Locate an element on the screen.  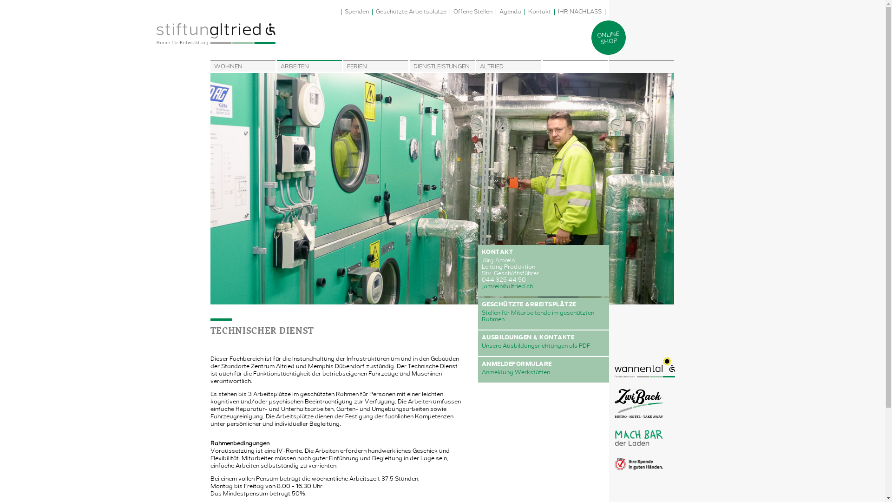
'Spenden' is located at coordinates (356, 12).